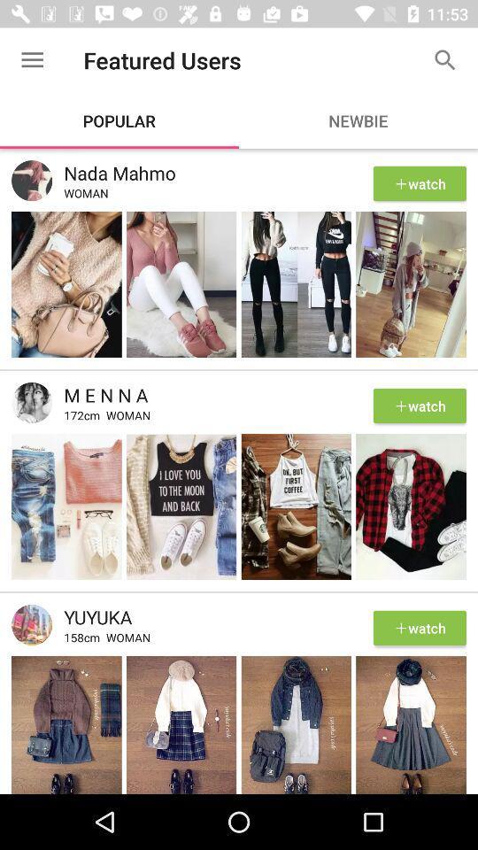 The image size is (478, 850). What do you see at coordinates (444, 60) in the screenshot?
I see `the item to the right of featured users item` at bounding box center [444, 60].